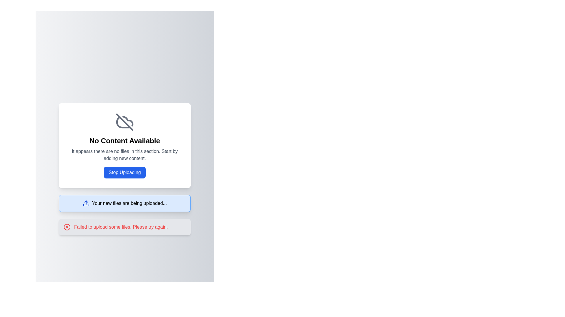  Describe the element at coordinates (124, 203) in the screenshot. I see `the Notification Box located just below the 'Stop Uploading' blue button, which informs the user about the ongoing uploading process` at that location.